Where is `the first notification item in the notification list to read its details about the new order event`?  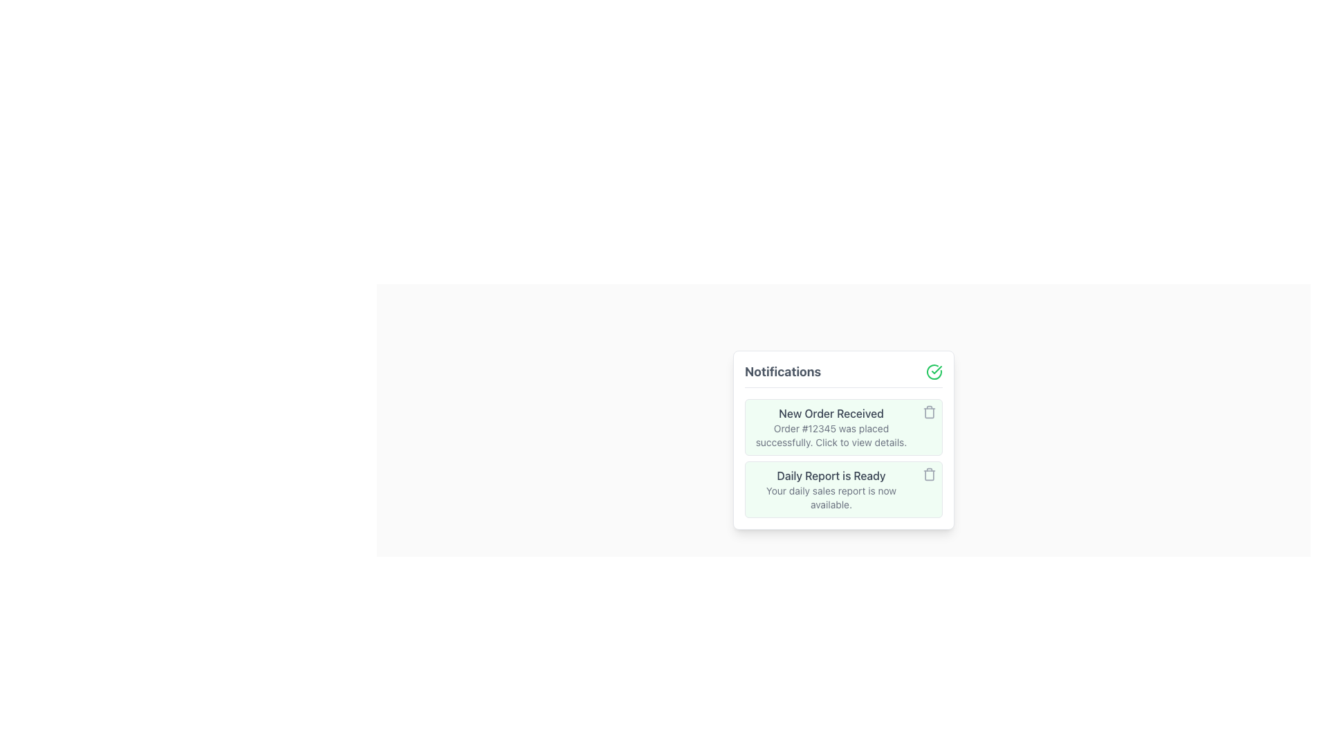
the first notification item in the notification list to read its details about the new order event is located at coordinates (830, 426).